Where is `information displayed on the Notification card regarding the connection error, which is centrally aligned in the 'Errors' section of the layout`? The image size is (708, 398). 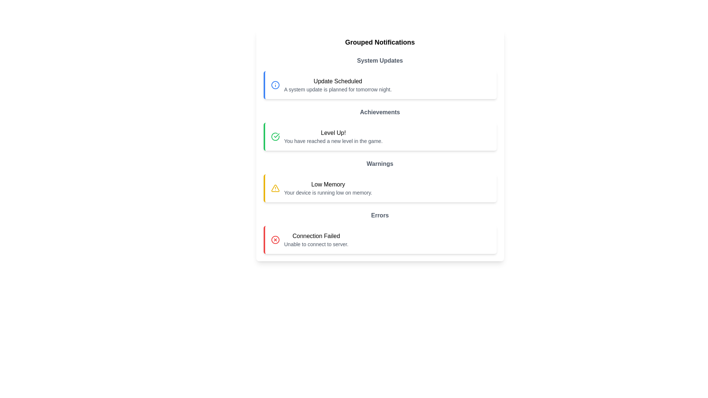 information displayed on the Notification card regarding the connection error, which is centrally aligned in the 'Errors' section of the layout is located at coordinates (380, 240).